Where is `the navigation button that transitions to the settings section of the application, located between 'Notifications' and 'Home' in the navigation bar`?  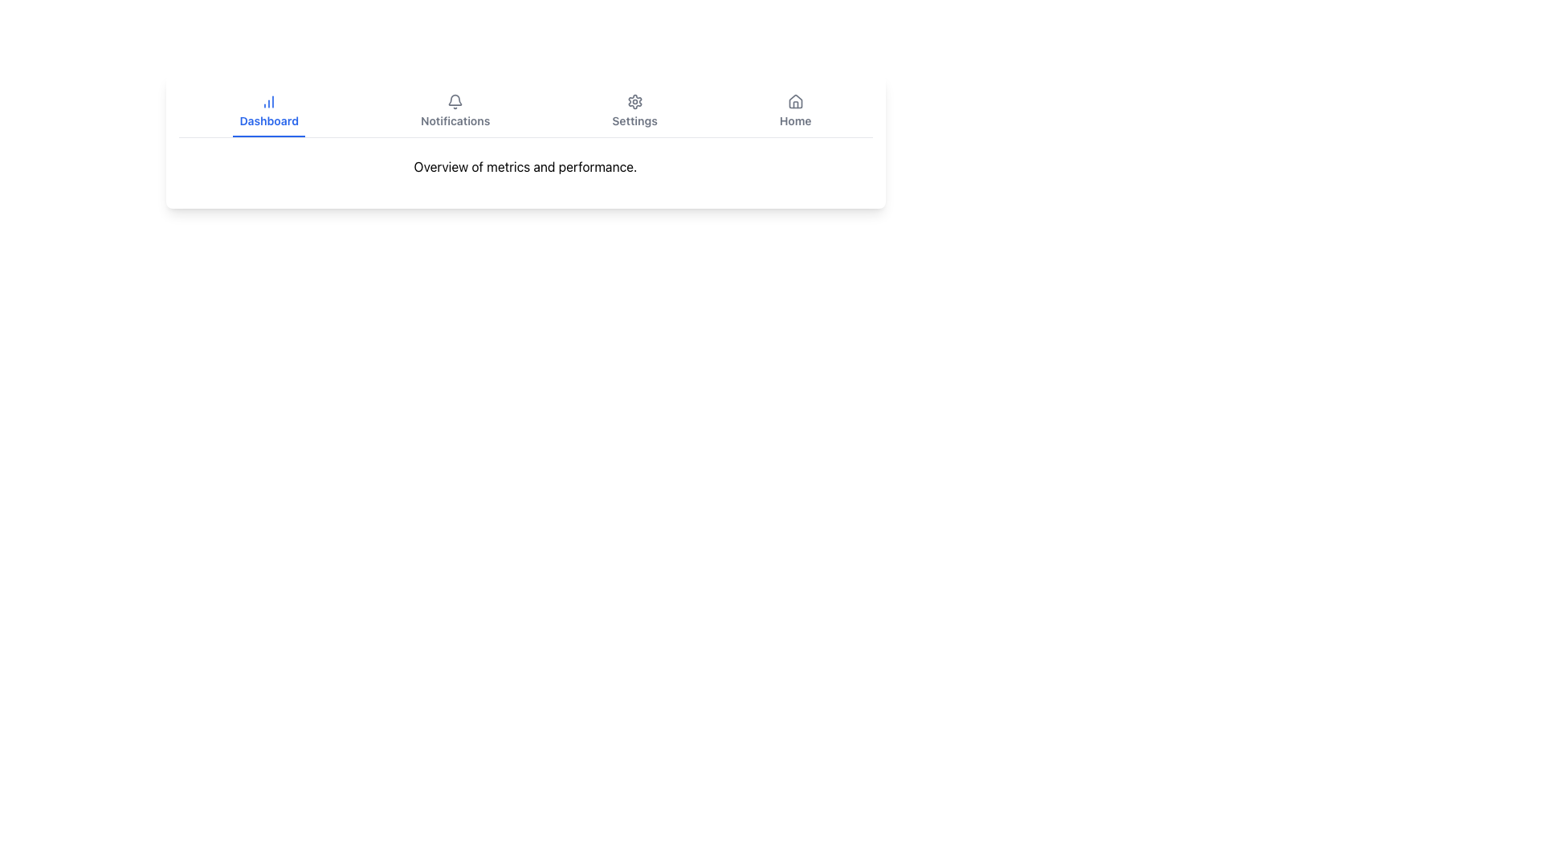
the navigation button that transitions to the settings section of the application, located between 'Notifications' and 'Home' in the navigation bar is located at coordinates (634, 111).